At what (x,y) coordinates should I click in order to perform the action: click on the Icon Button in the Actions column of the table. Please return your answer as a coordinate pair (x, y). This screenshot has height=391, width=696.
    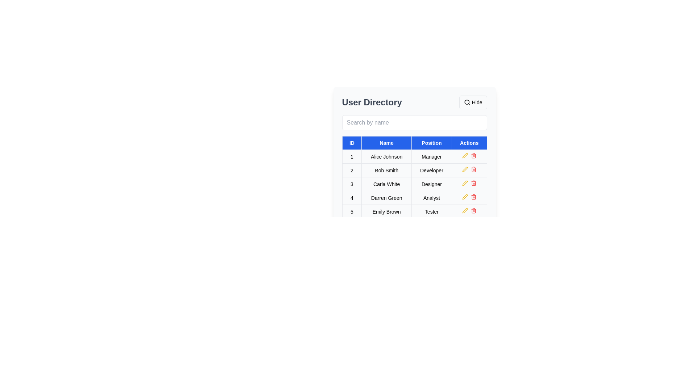
    Looking at the image, I should click on (473, 156).